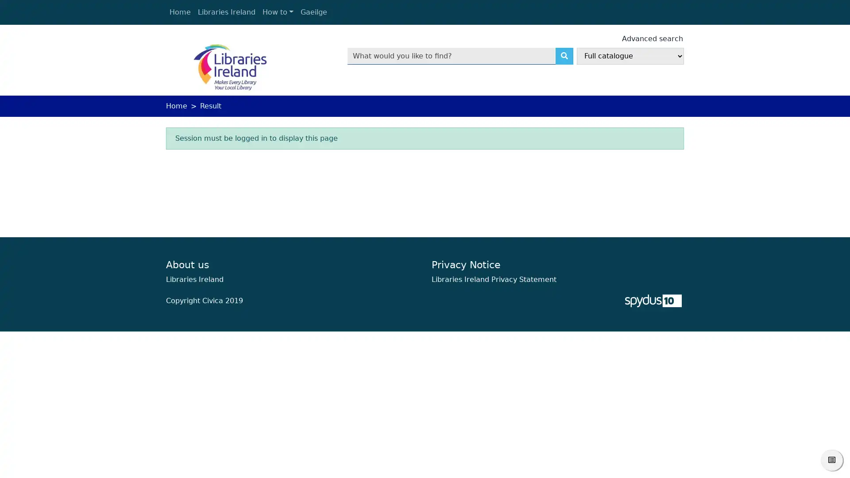 The height and width of the screenshot is (478, 850). What do you see at coordinates (564, 56) in the screenshot?
I see `Search` at bounding box center [564, 56].